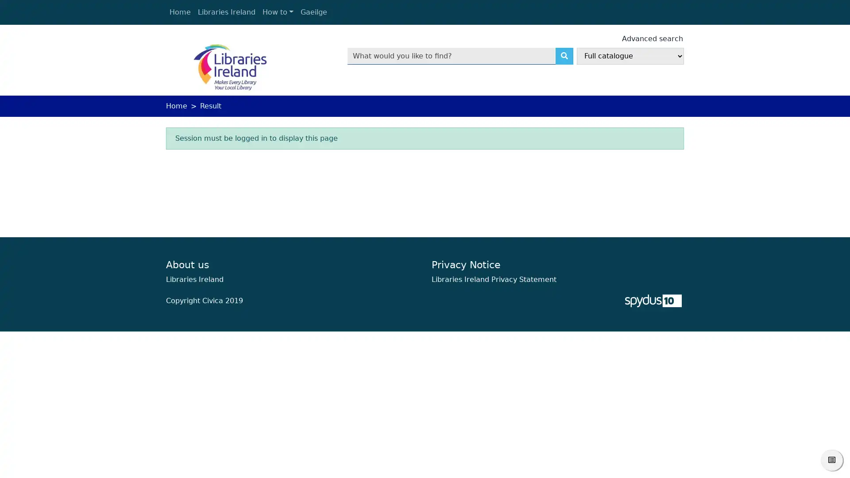 The height and width of the screenshot is (478, 850). What do you see at coordinates (564, 56) in the screenshot?
I see `Search` at bounding box center [564, 56].